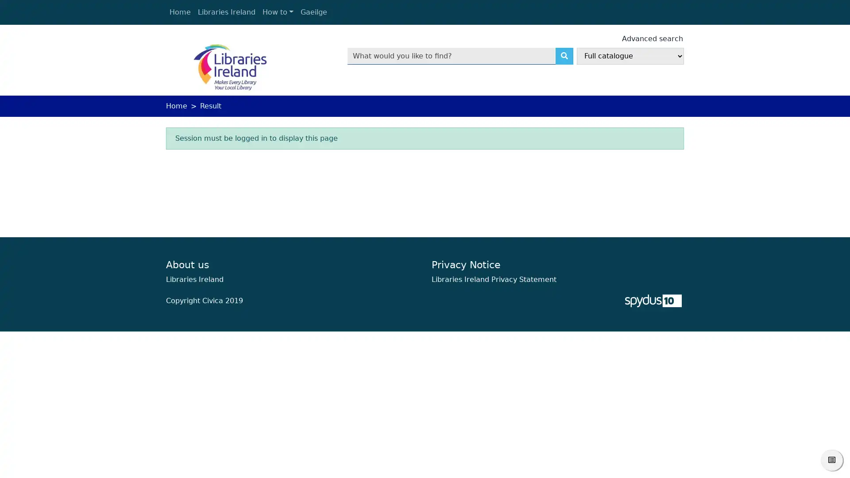 The height and width of the screenshot is (478, 850). What do you see at coordinates (564, 56) in the screenshot?
I see `Search` at bounding box center [564, 56].